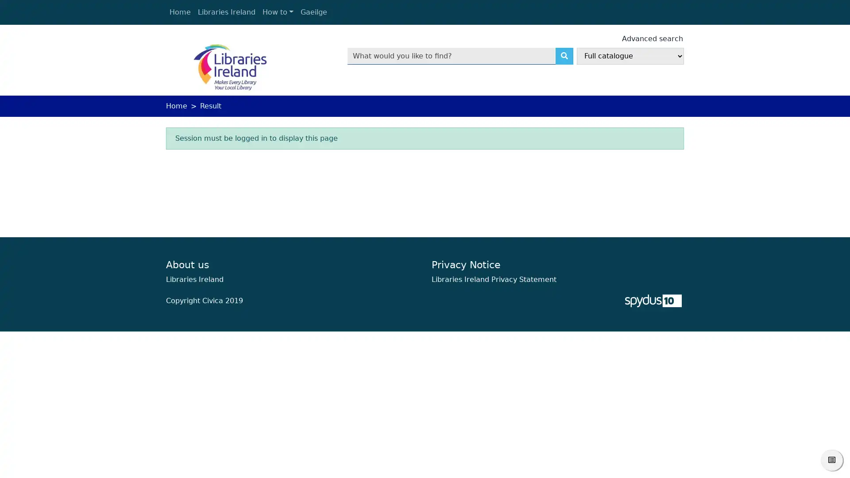 The height and width of the screenshot is (478, 850). What do you see at coordinates (564, 56) in the screenshot?
I see `Search` at bounding box center [564, 56].